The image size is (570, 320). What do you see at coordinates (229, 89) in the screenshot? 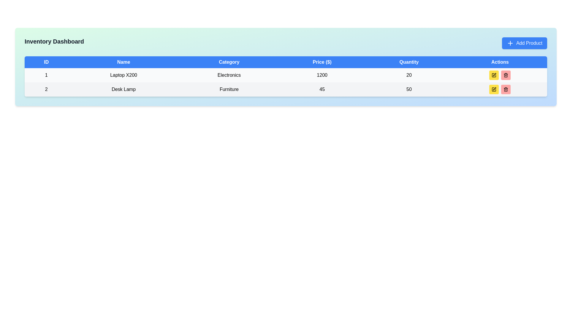
I see `the text label containing the word 'Furniture' in the third cell of the second row of the table` at bounding box center [229, 89].